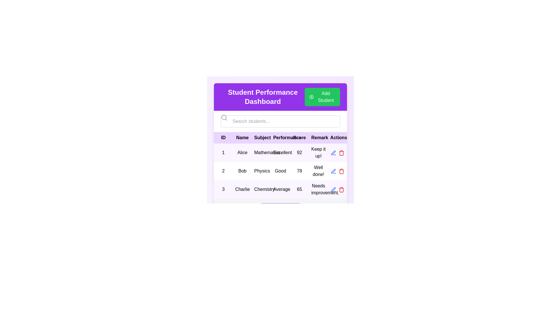 This screenshot has width=552, height=310. Describe the element at coordinates (341, 152) in the screenshot. I see `the delete icon button located` at that location.